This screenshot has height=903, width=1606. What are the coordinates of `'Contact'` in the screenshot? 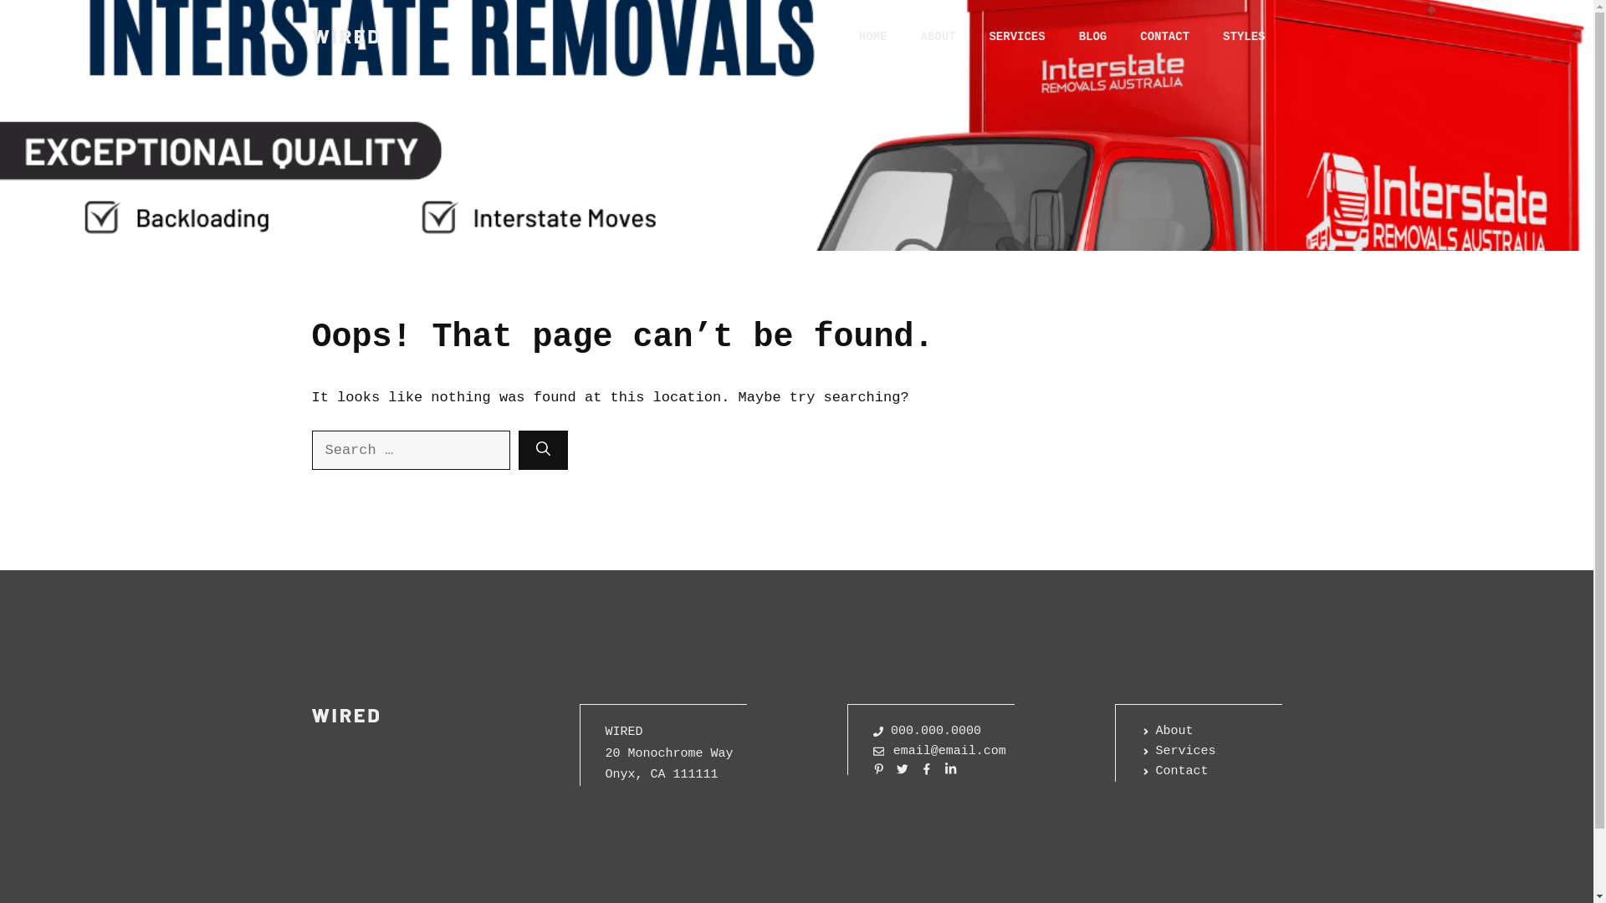 It's located at (1139, 771).